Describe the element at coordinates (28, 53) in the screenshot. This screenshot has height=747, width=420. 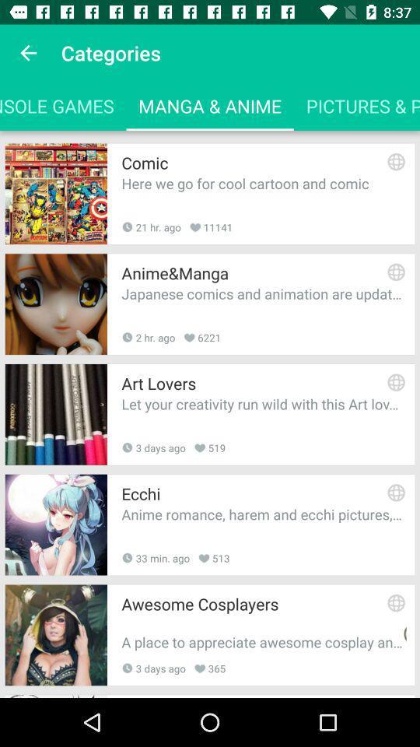
I see `item above pc & console games icon` at that location.